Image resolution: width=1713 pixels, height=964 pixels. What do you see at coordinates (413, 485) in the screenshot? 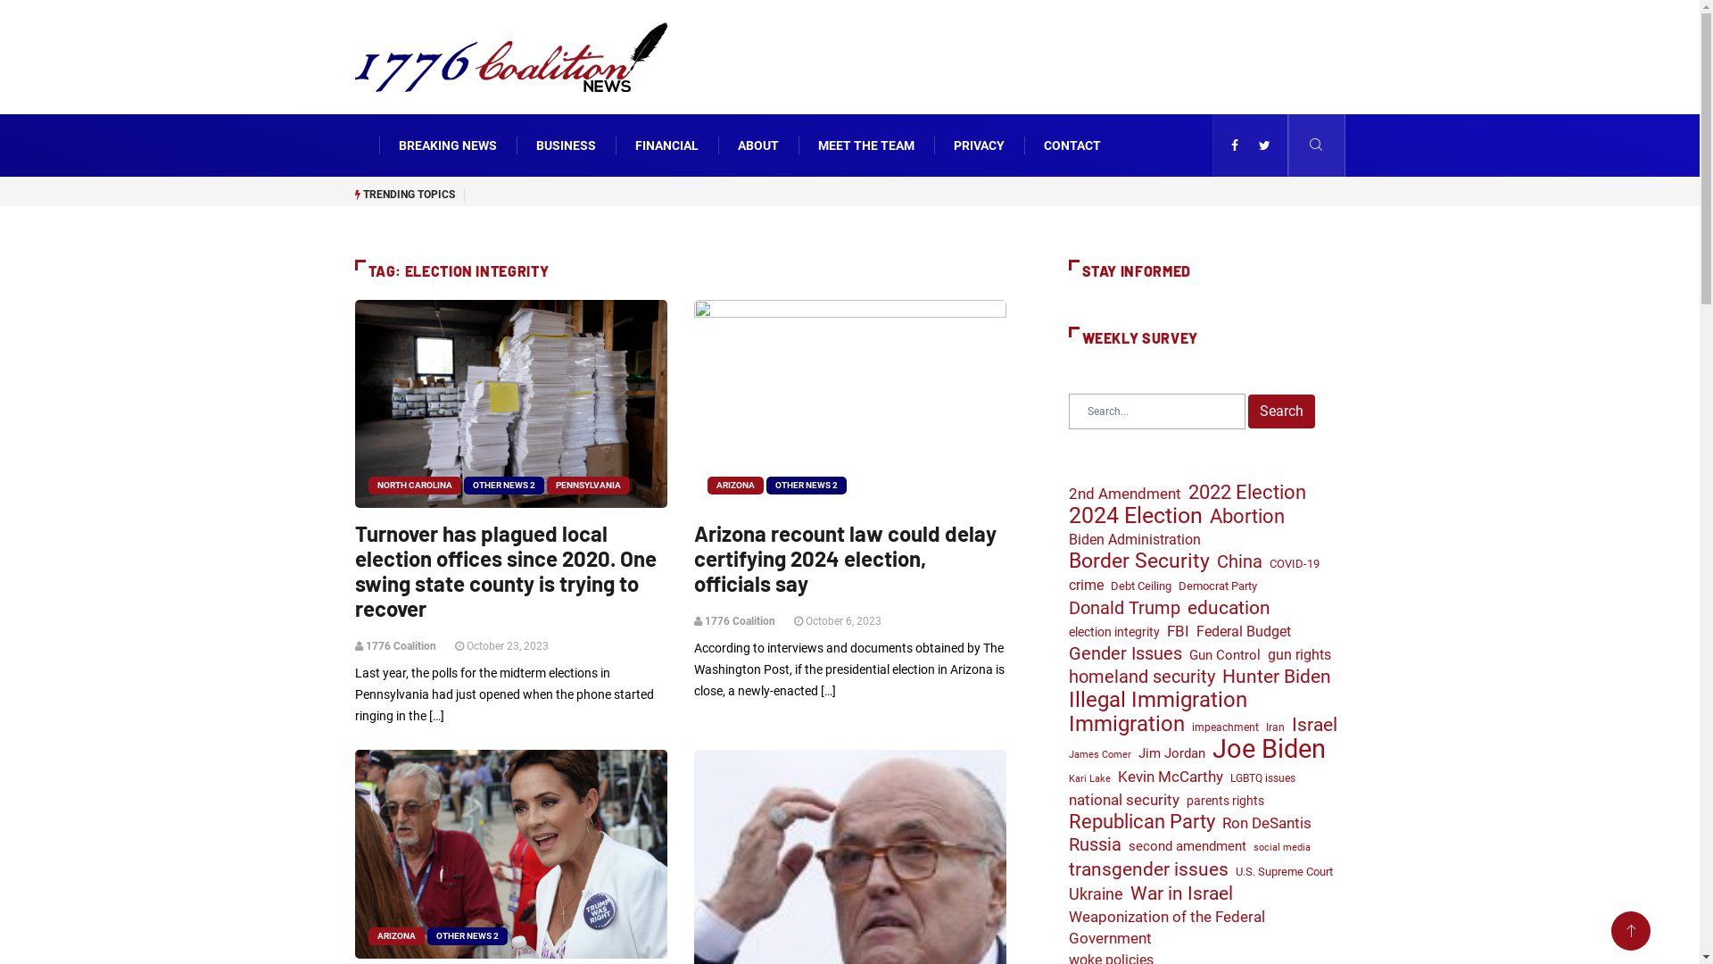
I see `'NORTH CAROLINA'` at bounding box center [413, 485].